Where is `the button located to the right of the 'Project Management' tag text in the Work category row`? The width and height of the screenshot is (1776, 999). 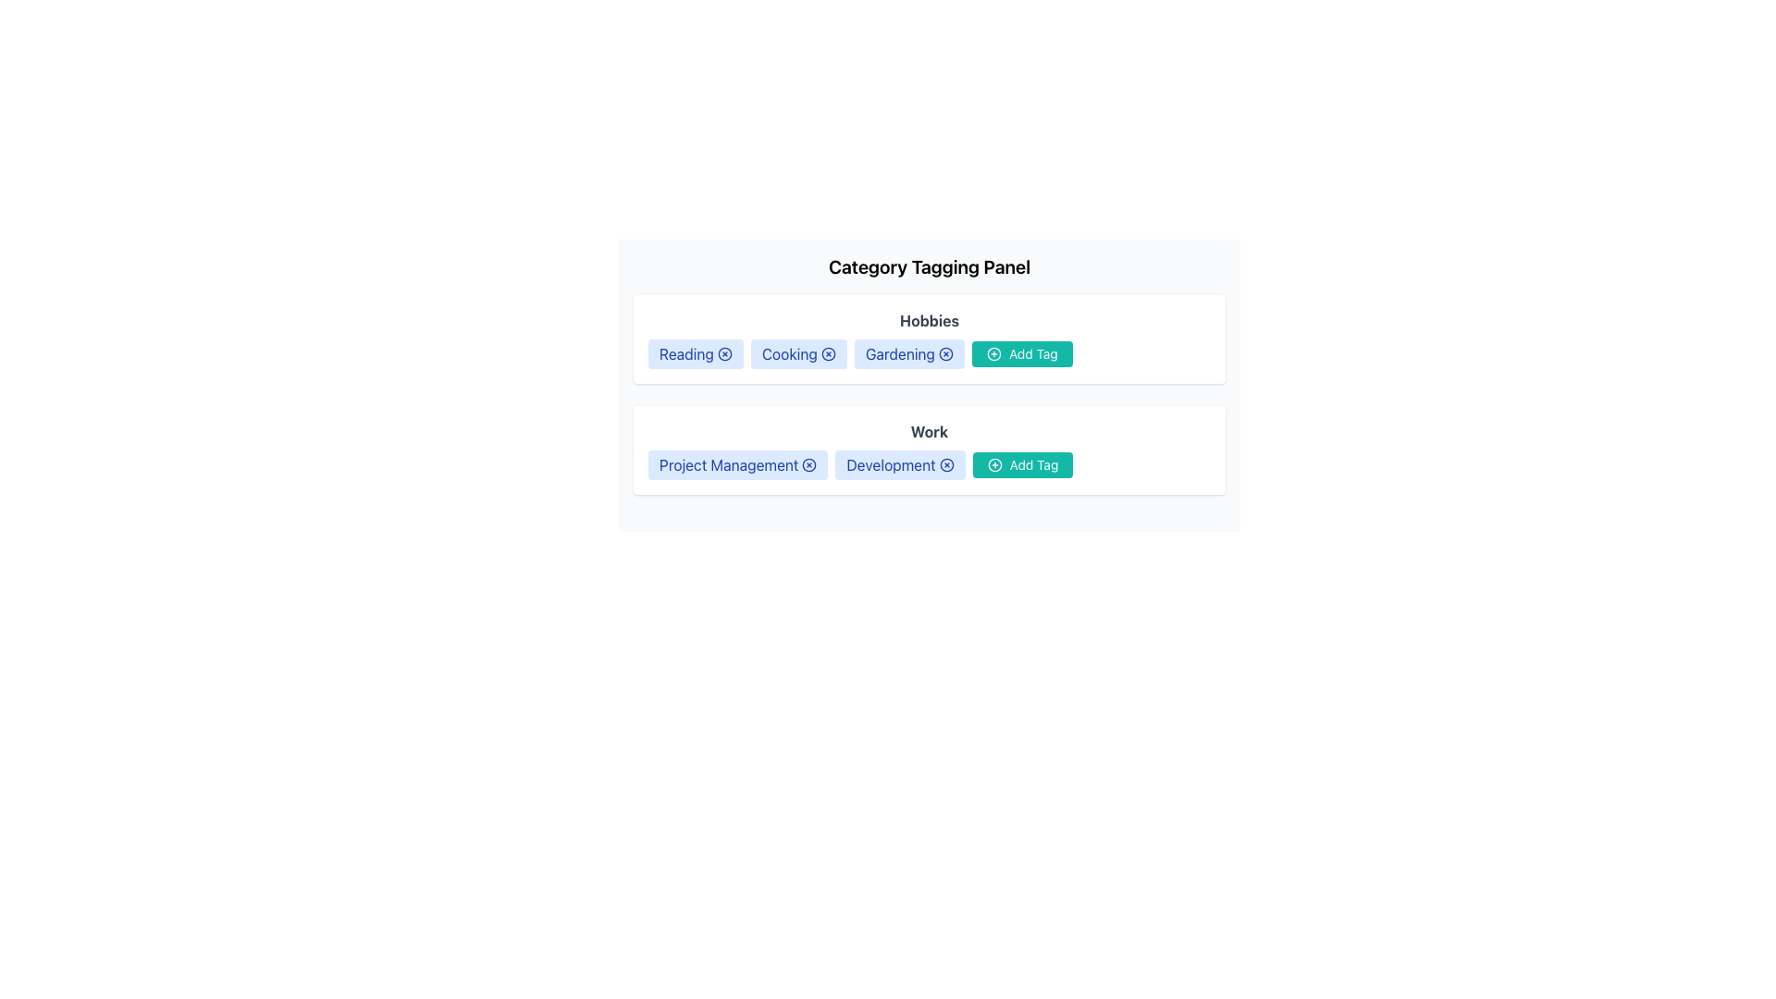 the button located to the right of the 'Project Management' tag text in the Work category row is located at coordinates (809, 463).